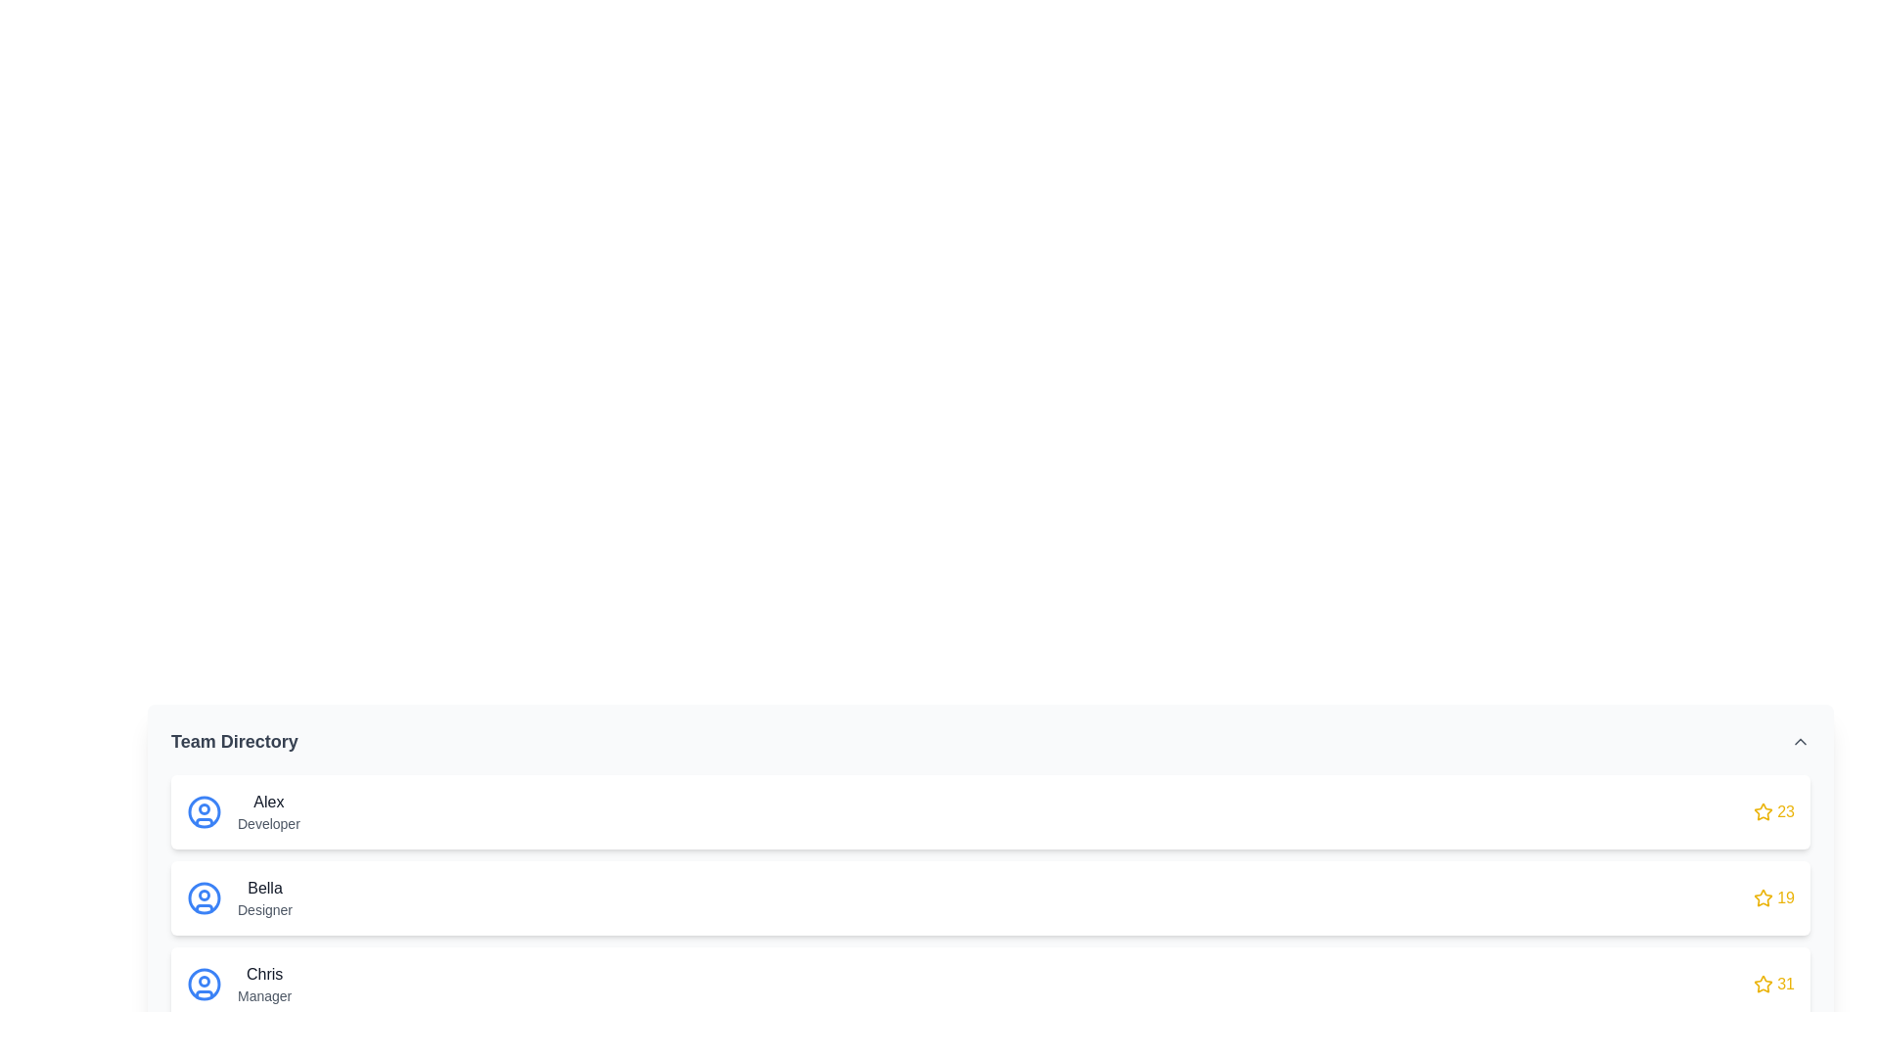  Describe the element at coordinates (263, 974) in the screenshot. I see `the text label displaying the name 'Chris' located in the third card of the team member profiles, positioned above 'Manager' and below the profile icon` at that location.